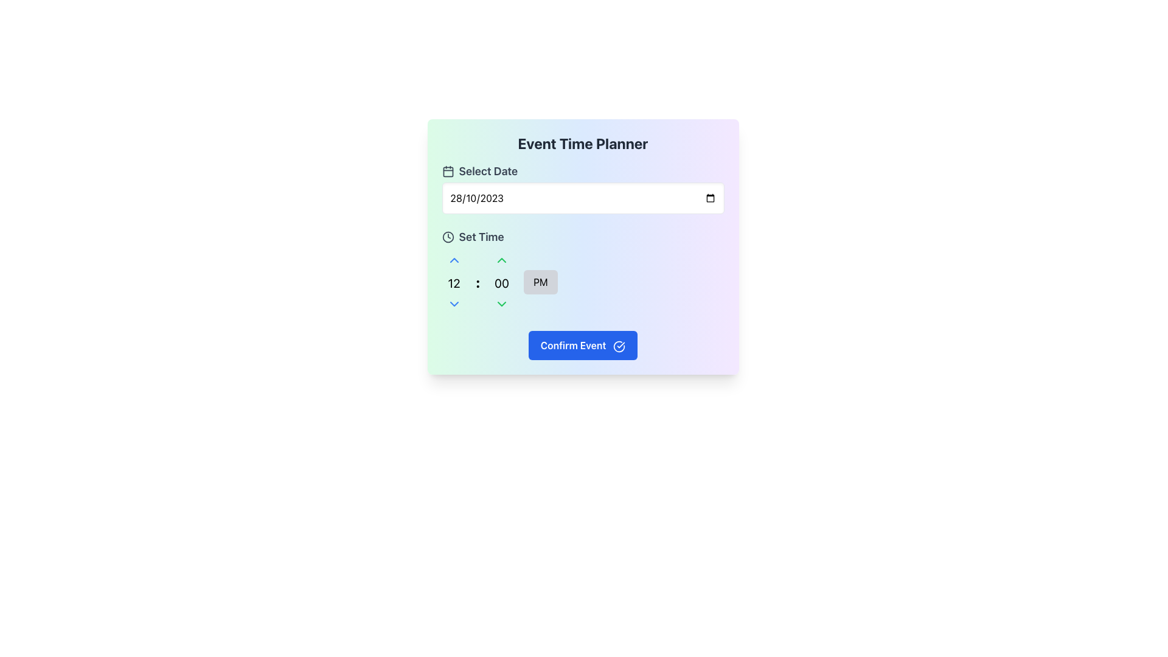  I want to click on the calendar icon, which is a rectangular shape with rounded corners, located to the left of the 'Select Date' text, so click(447, 172).